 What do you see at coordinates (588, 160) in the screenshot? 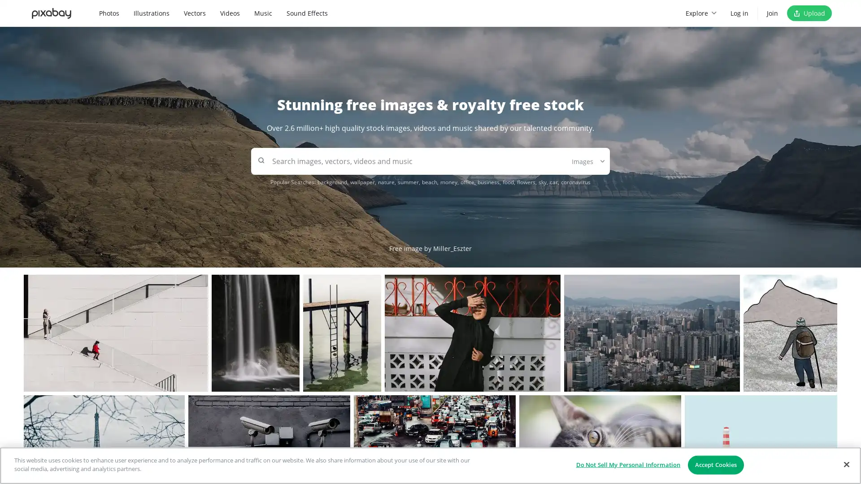
I see `Images` at bounding box center [588, 160].